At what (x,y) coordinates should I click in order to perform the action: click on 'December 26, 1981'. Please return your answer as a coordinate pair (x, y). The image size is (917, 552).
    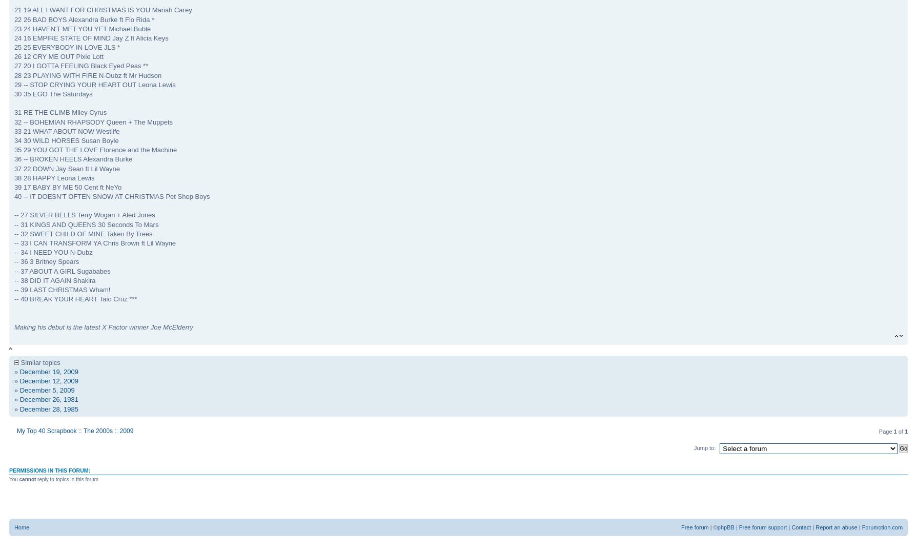
    Looking at the image, I should click on (48, 399).